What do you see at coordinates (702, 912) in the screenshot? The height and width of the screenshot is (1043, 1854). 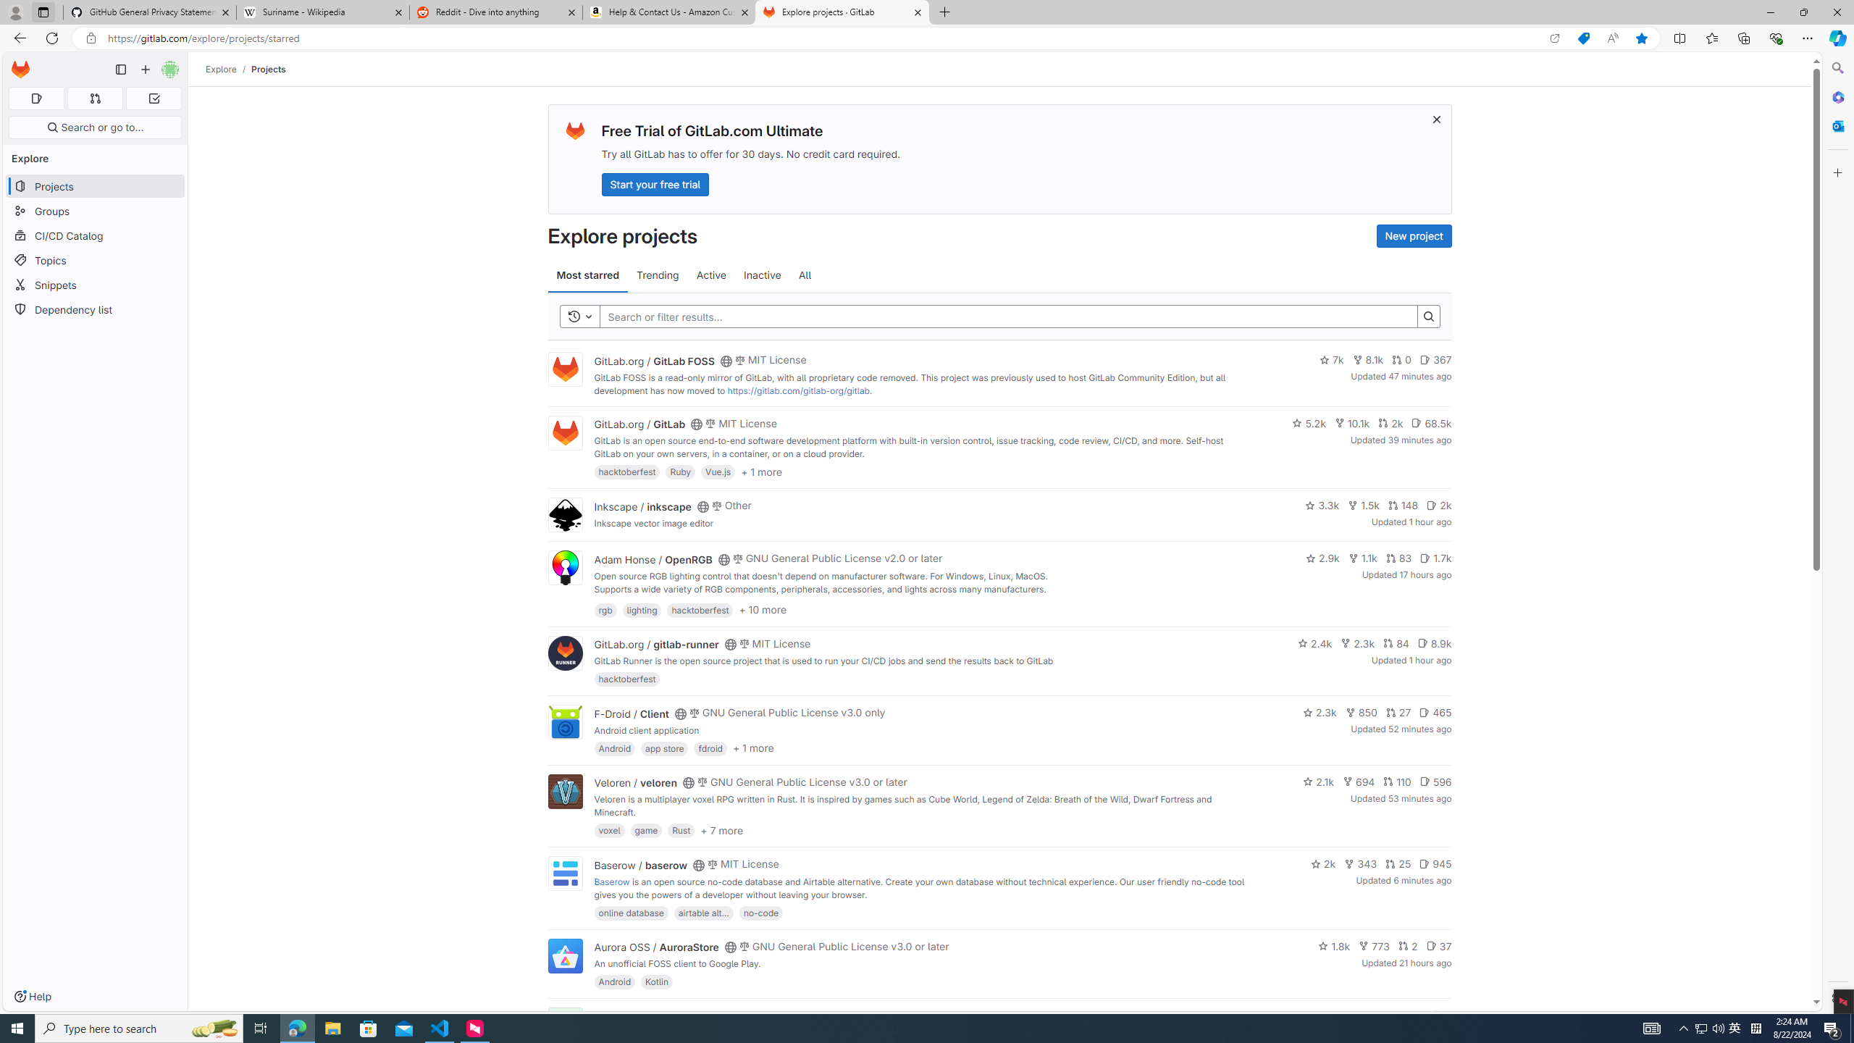 I see `'airtable alt...'` at bounding box center [702, 912].